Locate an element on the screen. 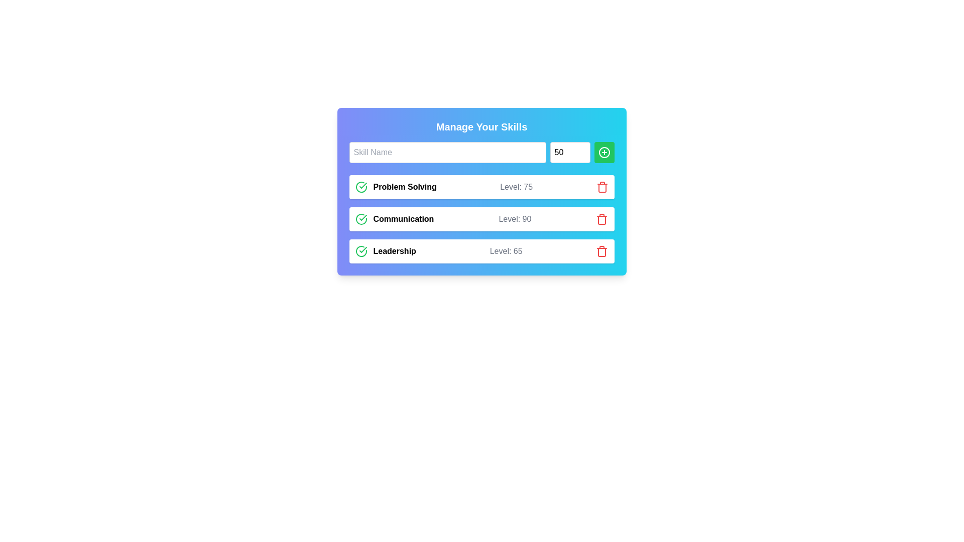 This screenshot has width=964, height=542. the delete button located to the right of the 'Problem Solving' skill level indicator in the topmost card of the skills list is located at coordinates (602, 187).